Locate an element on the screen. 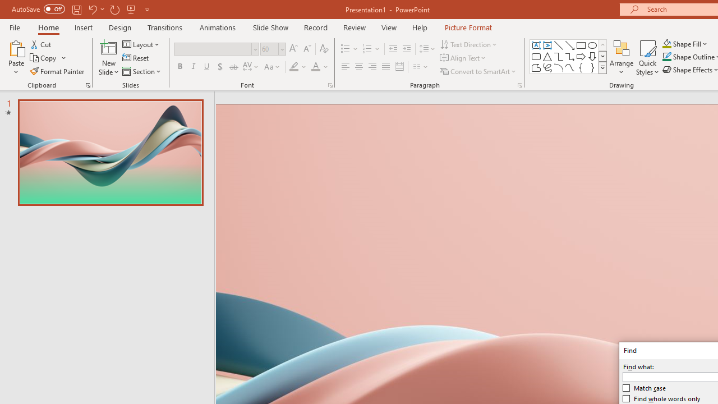 The image size is (718, 404). 'Isosceles Triangle' is located at coordinates (547, 56).